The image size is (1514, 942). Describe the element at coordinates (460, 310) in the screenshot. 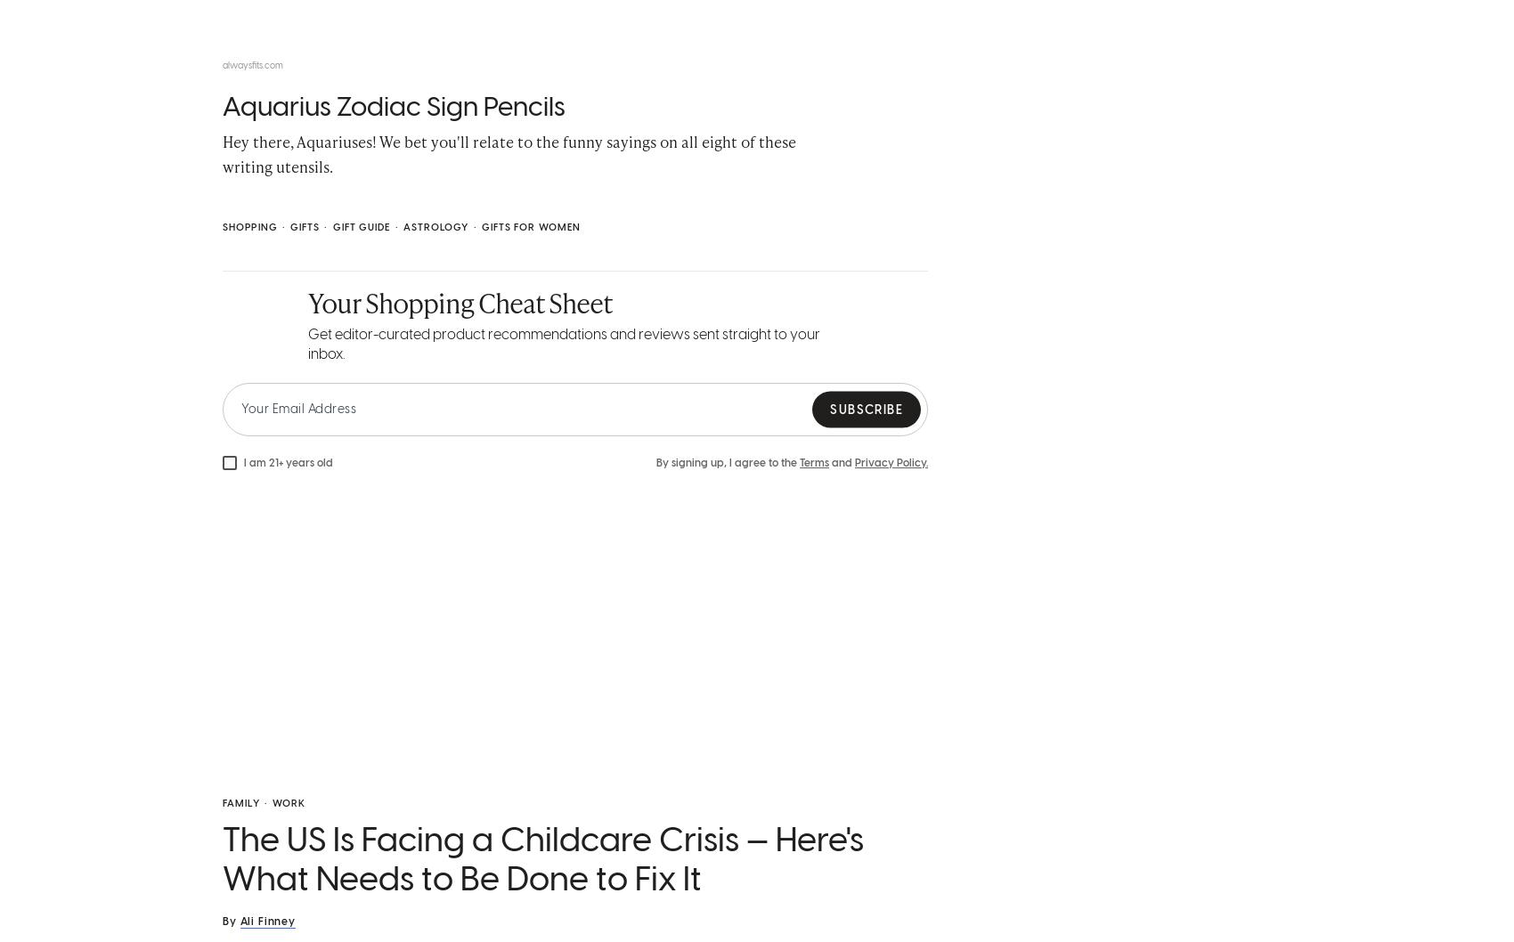

I see `'Your Shopping Cheat Sheet'` at that location.